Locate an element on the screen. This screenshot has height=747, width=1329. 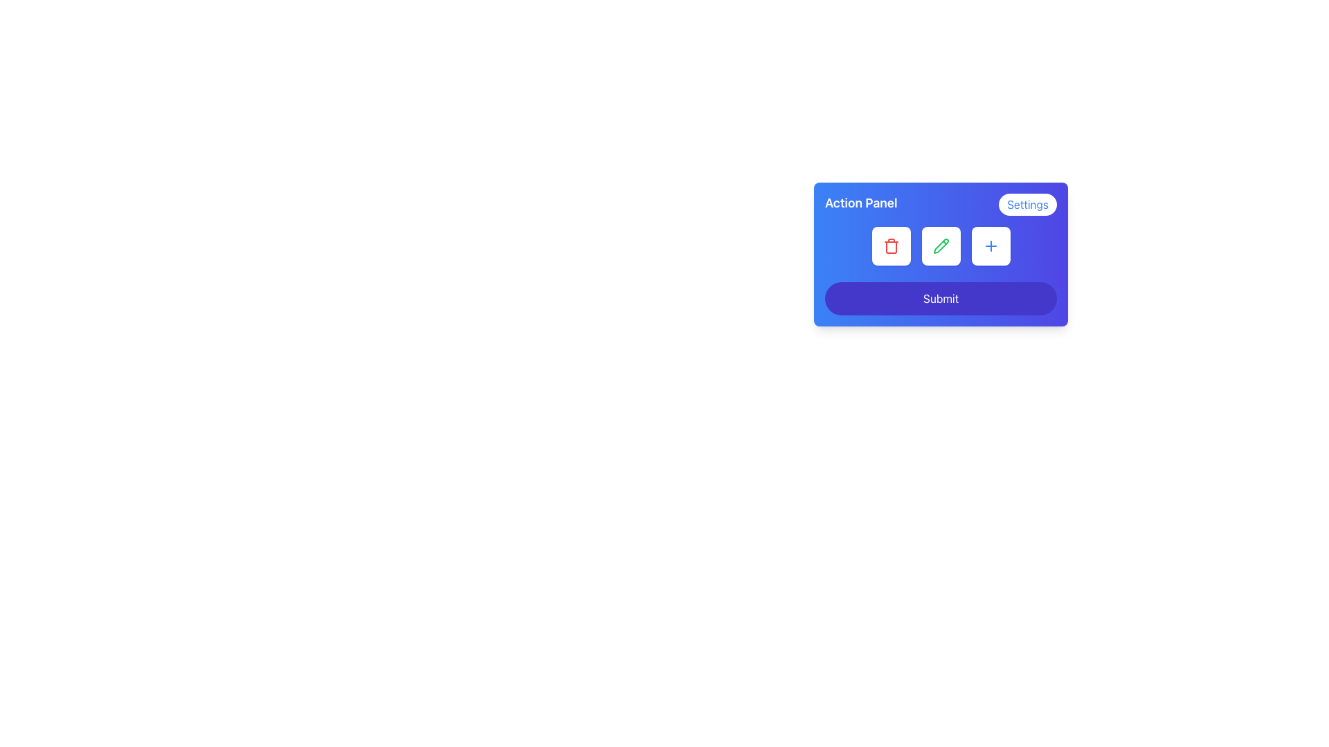
the small, rounded button with a white background and light blue text that displays 'Settings' is located at coordinates (1028, 205).